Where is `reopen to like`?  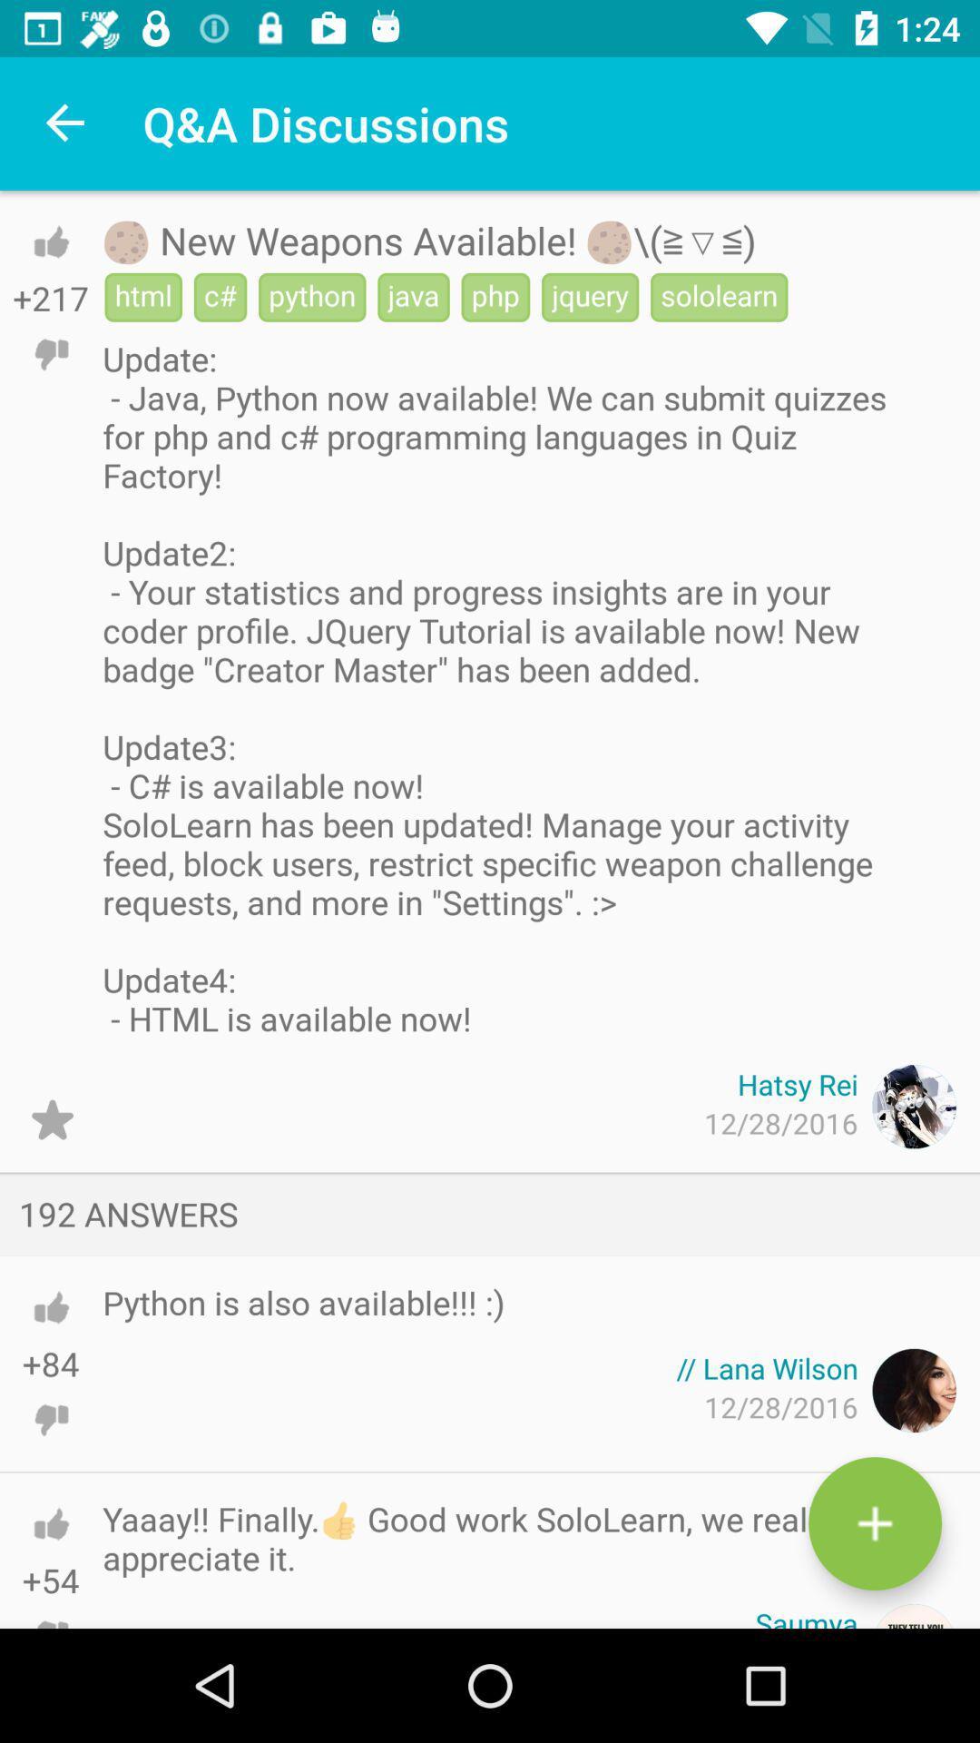
reopen to like is located at coordinates (50, 241).